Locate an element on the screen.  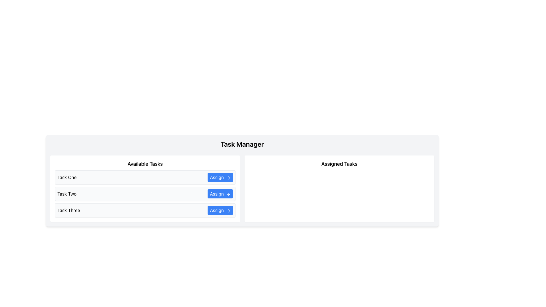
the rightward-pointing arrow icon within the 'Assign' button in the 'Available Tasks' section of the page is located at coordinates (228, 177).